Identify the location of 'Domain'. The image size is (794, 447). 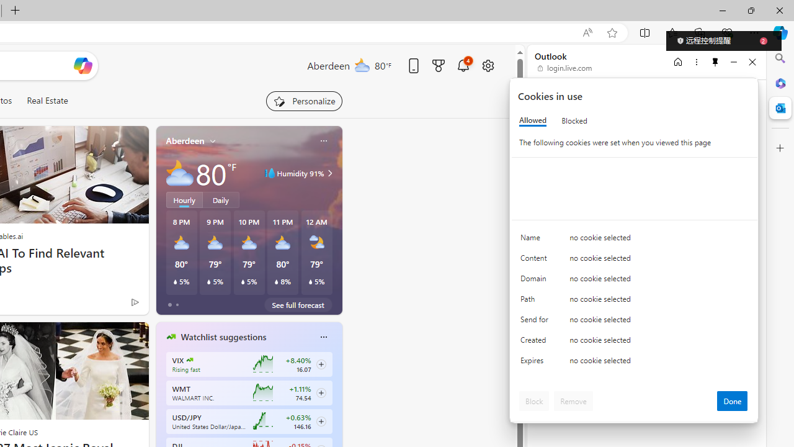
(537, 281).